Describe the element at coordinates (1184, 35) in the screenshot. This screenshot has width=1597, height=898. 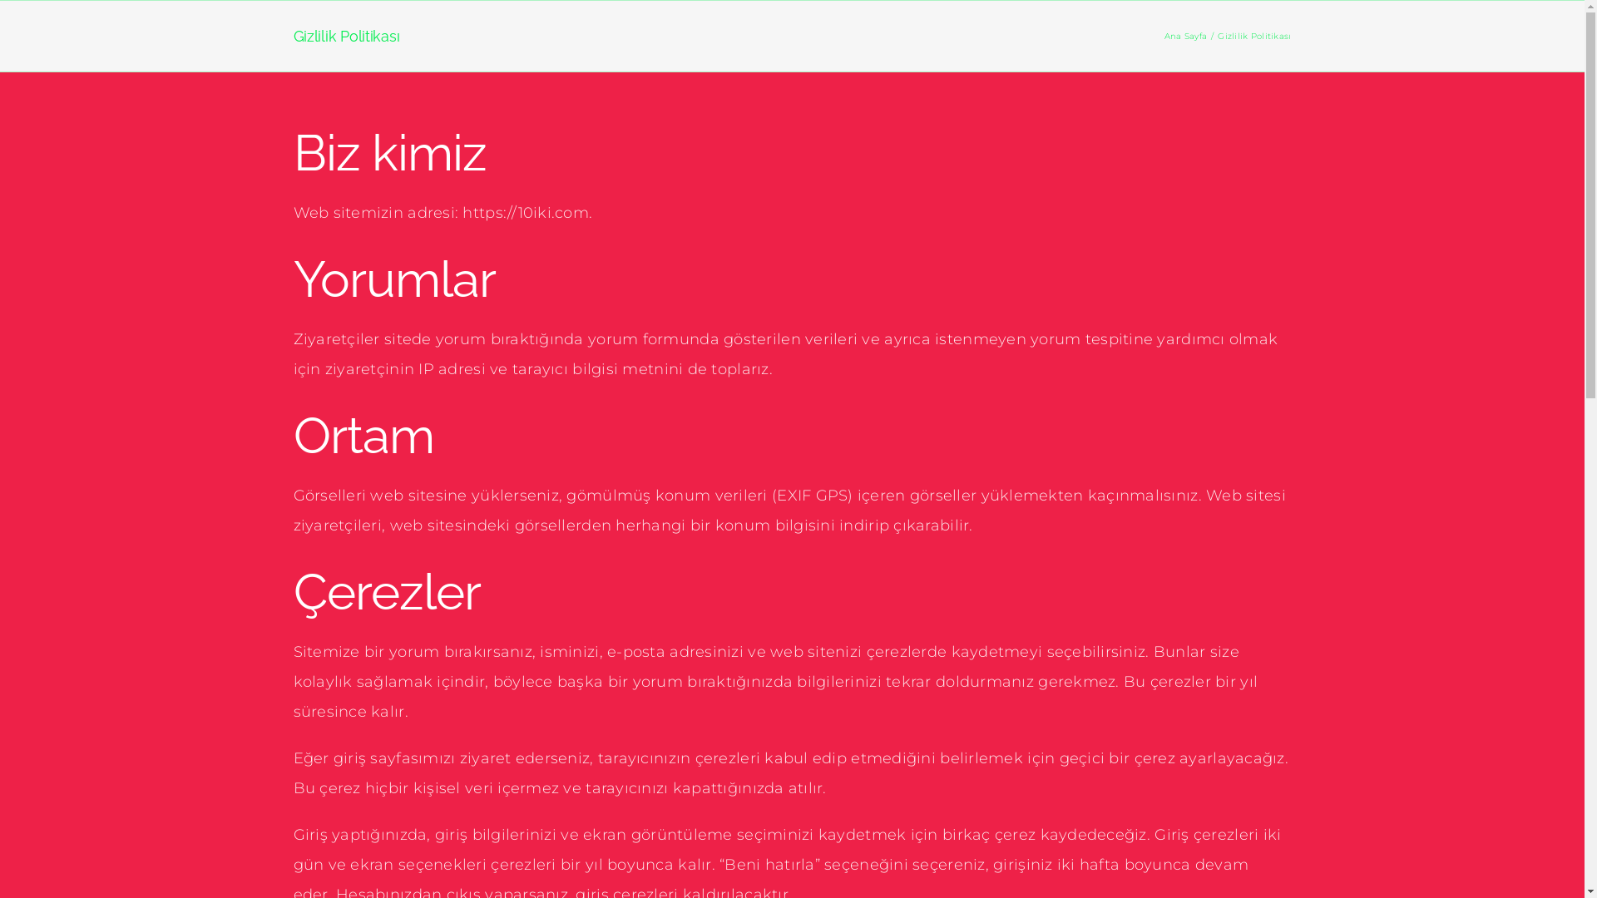
I see `'Ana Sayfa'` at that location.